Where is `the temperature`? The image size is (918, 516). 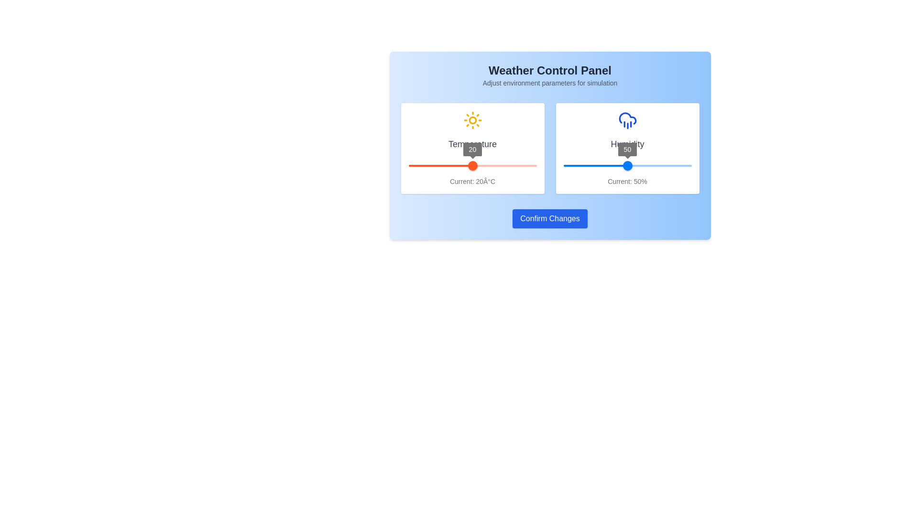
the temperature is located at coordinates (500, 191).